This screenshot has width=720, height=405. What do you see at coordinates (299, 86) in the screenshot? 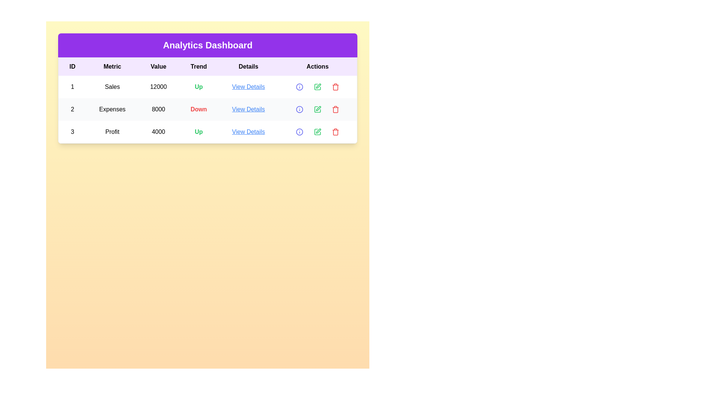
I see `the circular 'i' icon in the 'Actions' column of the last row` at bounding box center [299, 86].